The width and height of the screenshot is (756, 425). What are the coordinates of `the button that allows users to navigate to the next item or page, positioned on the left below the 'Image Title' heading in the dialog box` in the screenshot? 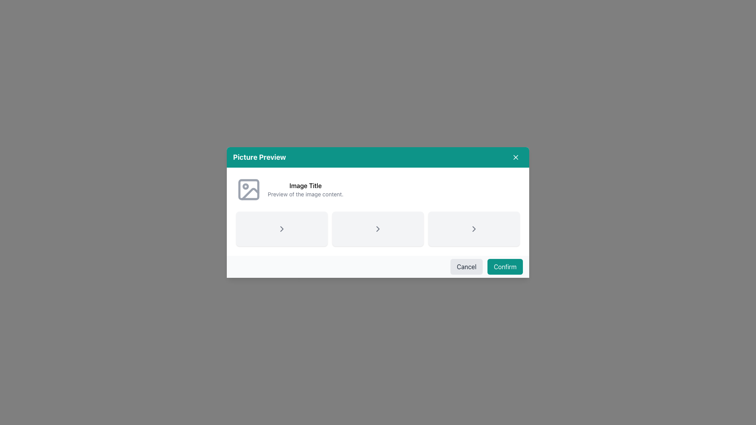 It's located at (282, 229).